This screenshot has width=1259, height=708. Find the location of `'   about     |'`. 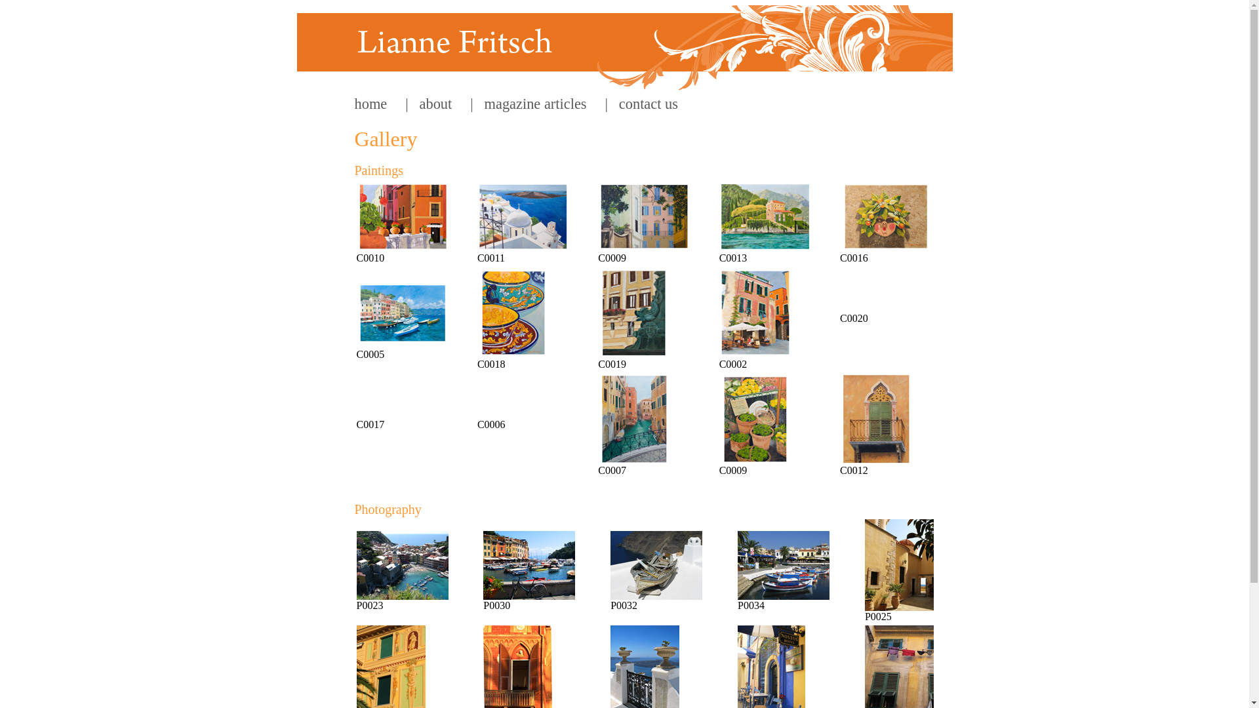

'   about     |' is located at coordinates (441, 103).